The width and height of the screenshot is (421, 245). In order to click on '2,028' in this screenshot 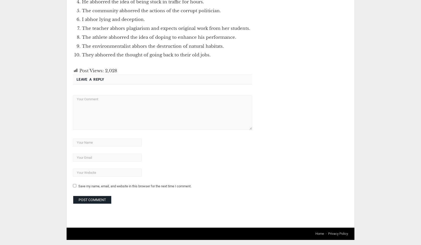, I will do `click(111, 70)`.